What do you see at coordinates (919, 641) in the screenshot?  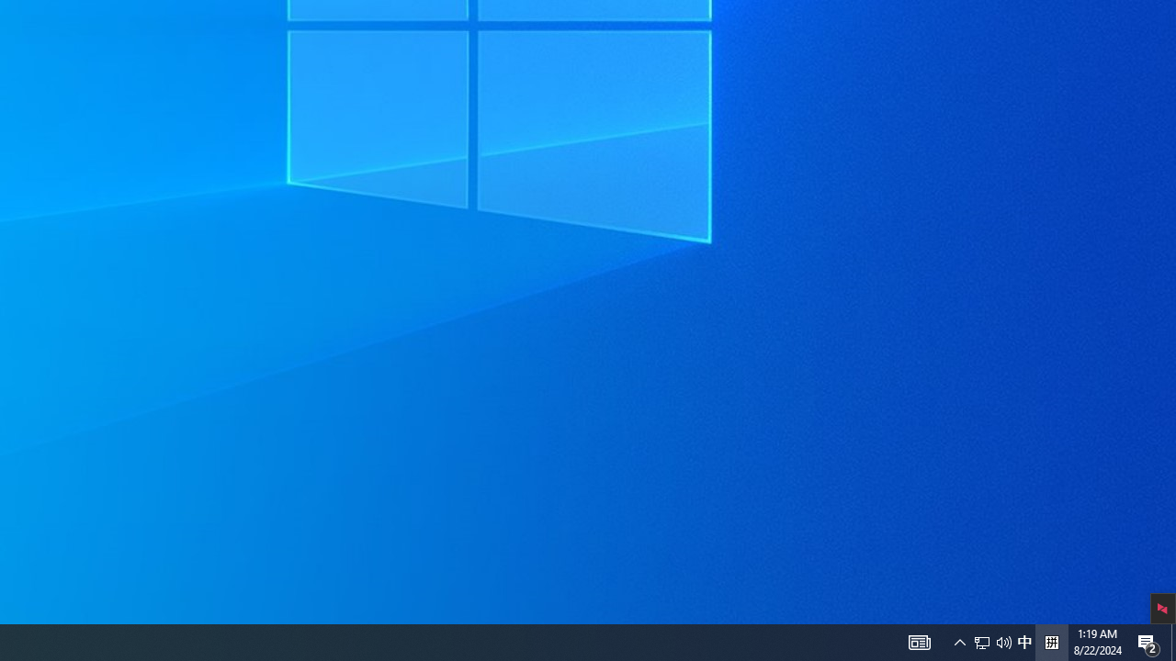 I see `'AutomationID: 4105'` at bounding box center [919, 641].